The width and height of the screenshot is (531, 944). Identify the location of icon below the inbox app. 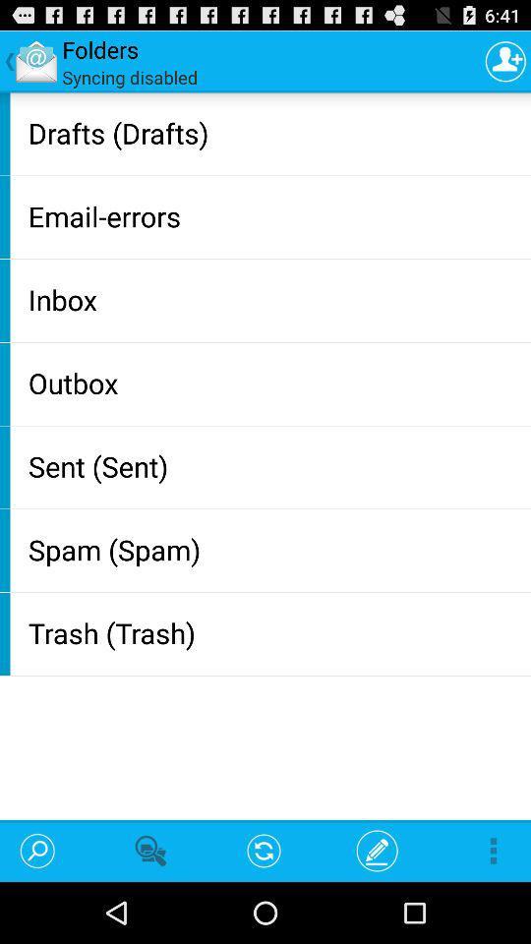
(274, 382).